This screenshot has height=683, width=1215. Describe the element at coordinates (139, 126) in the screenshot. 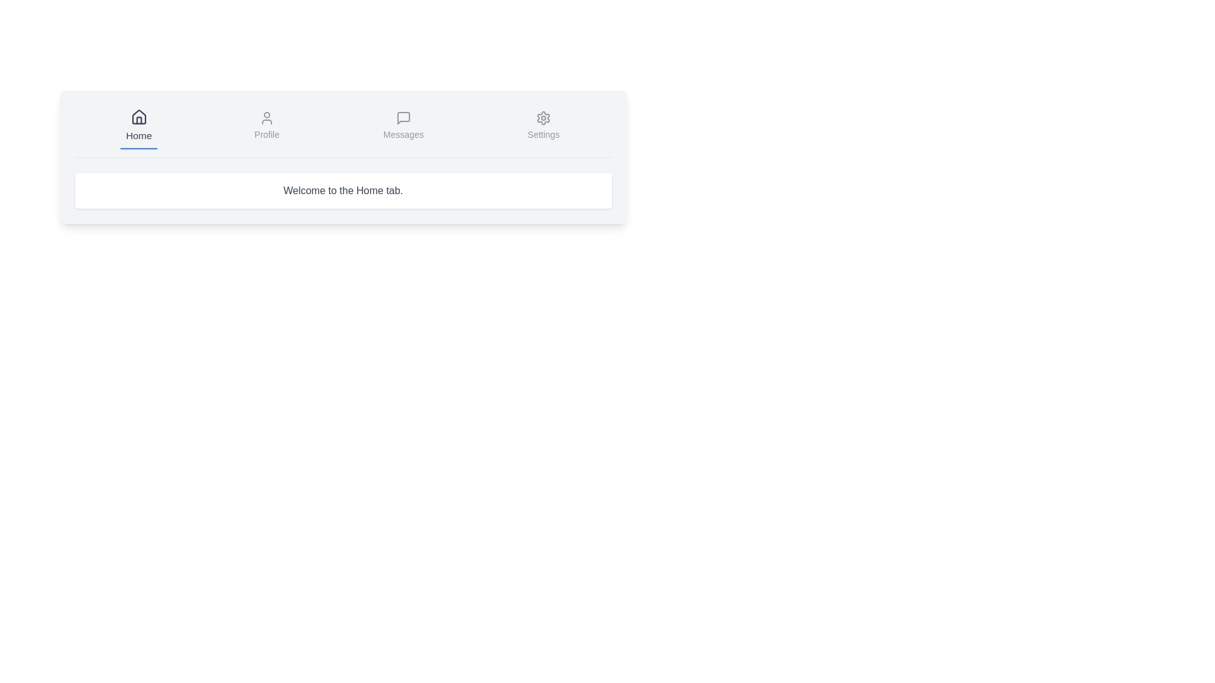

I see `the Home tab by clicking on its button` at that location.